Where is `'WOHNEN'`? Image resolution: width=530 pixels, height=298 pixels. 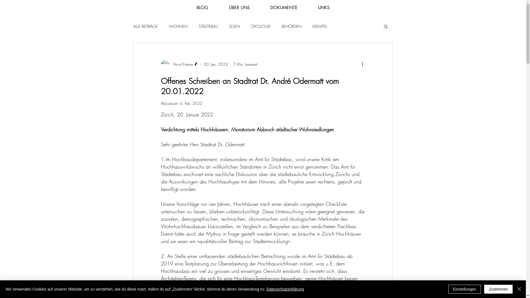
'WOHNEN' is located at coordinates (178, 26).